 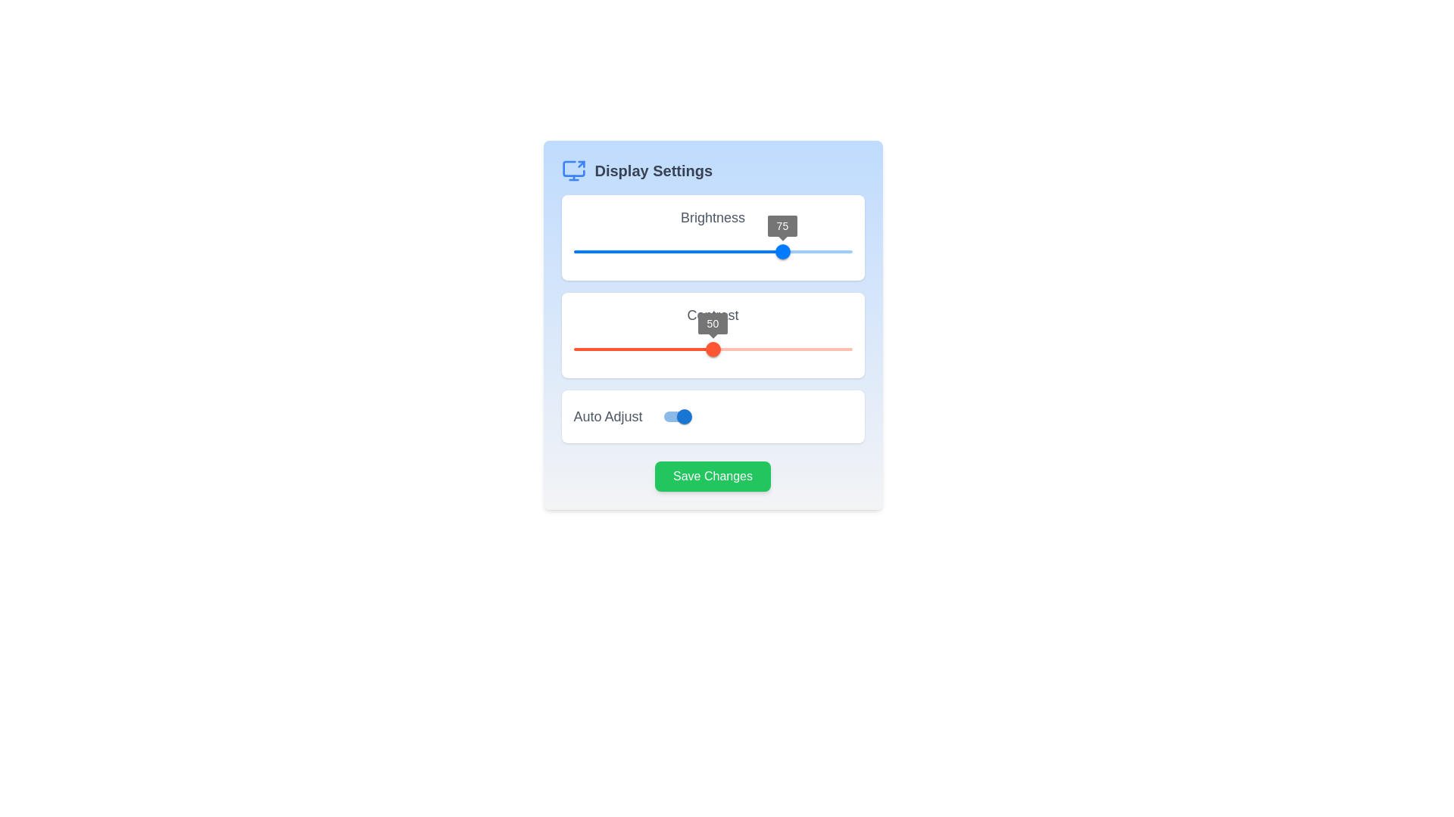 I want to click on the contrast, so click(x=660, y=349).